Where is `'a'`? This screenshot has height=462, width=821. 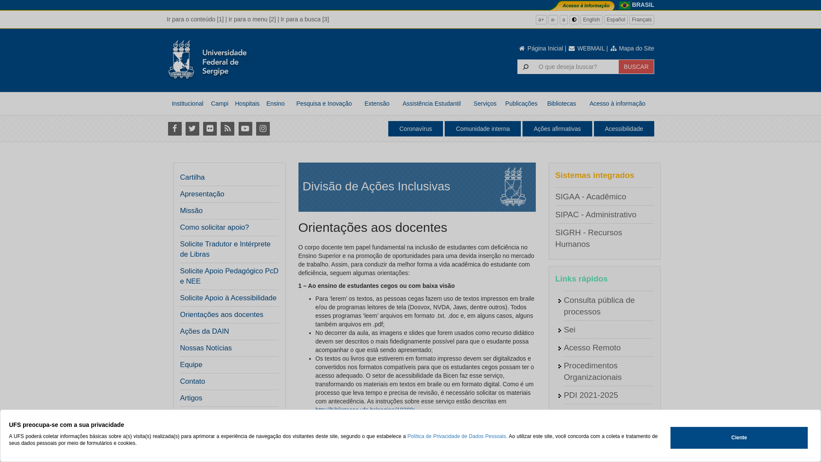
'a' is located at coordinates (564, 19).